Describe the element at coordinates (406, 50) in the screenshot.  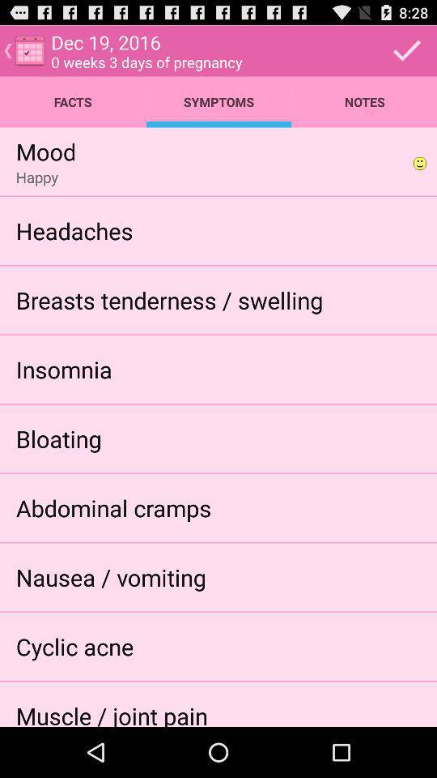
I see `app next to 0 weeks 3 icon` at that location.